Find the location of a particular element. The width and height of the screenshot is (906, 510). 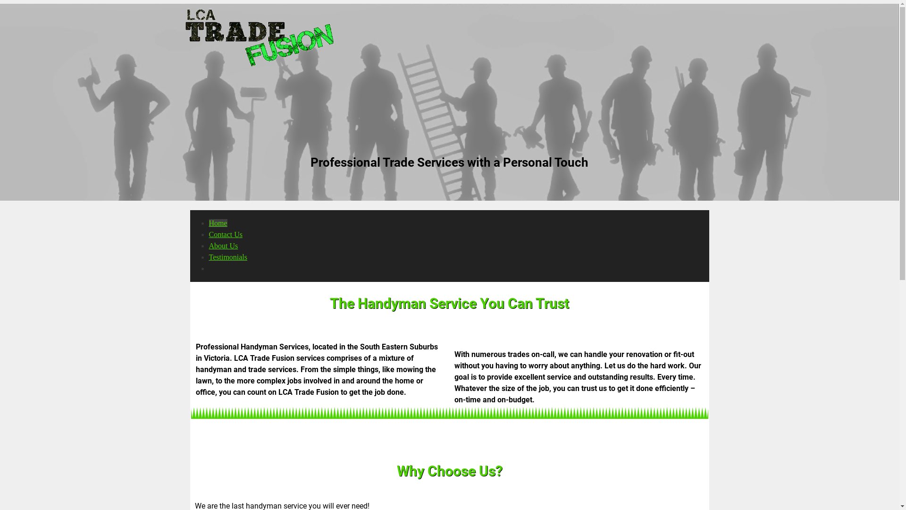

'Contact Us' is located at coordinates (225, 234).